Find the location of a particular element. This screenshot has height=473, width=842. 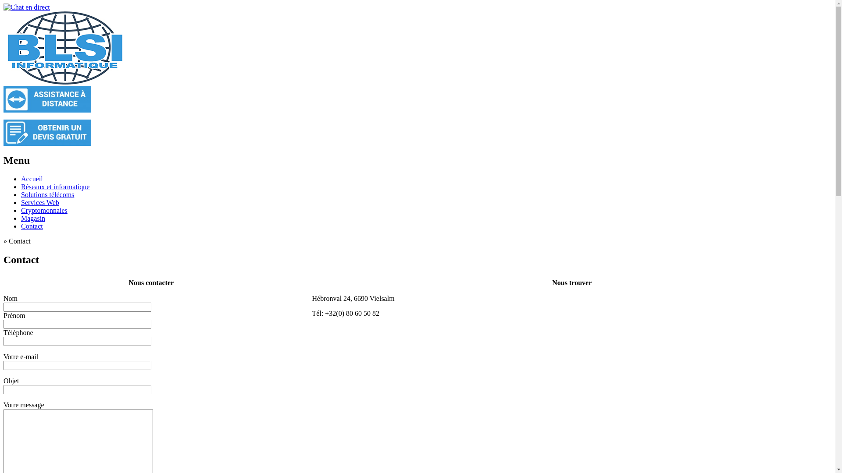

'Cryptomonnaies' is located at coordinates (21, 210).